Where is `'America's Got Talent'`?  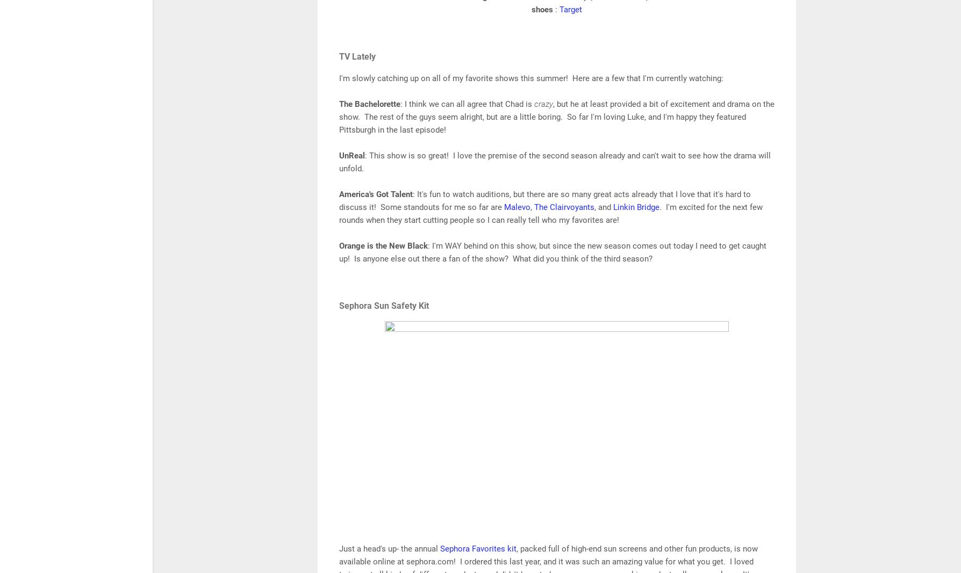
'America's Got Talent' is located at coordinates (339, 194).